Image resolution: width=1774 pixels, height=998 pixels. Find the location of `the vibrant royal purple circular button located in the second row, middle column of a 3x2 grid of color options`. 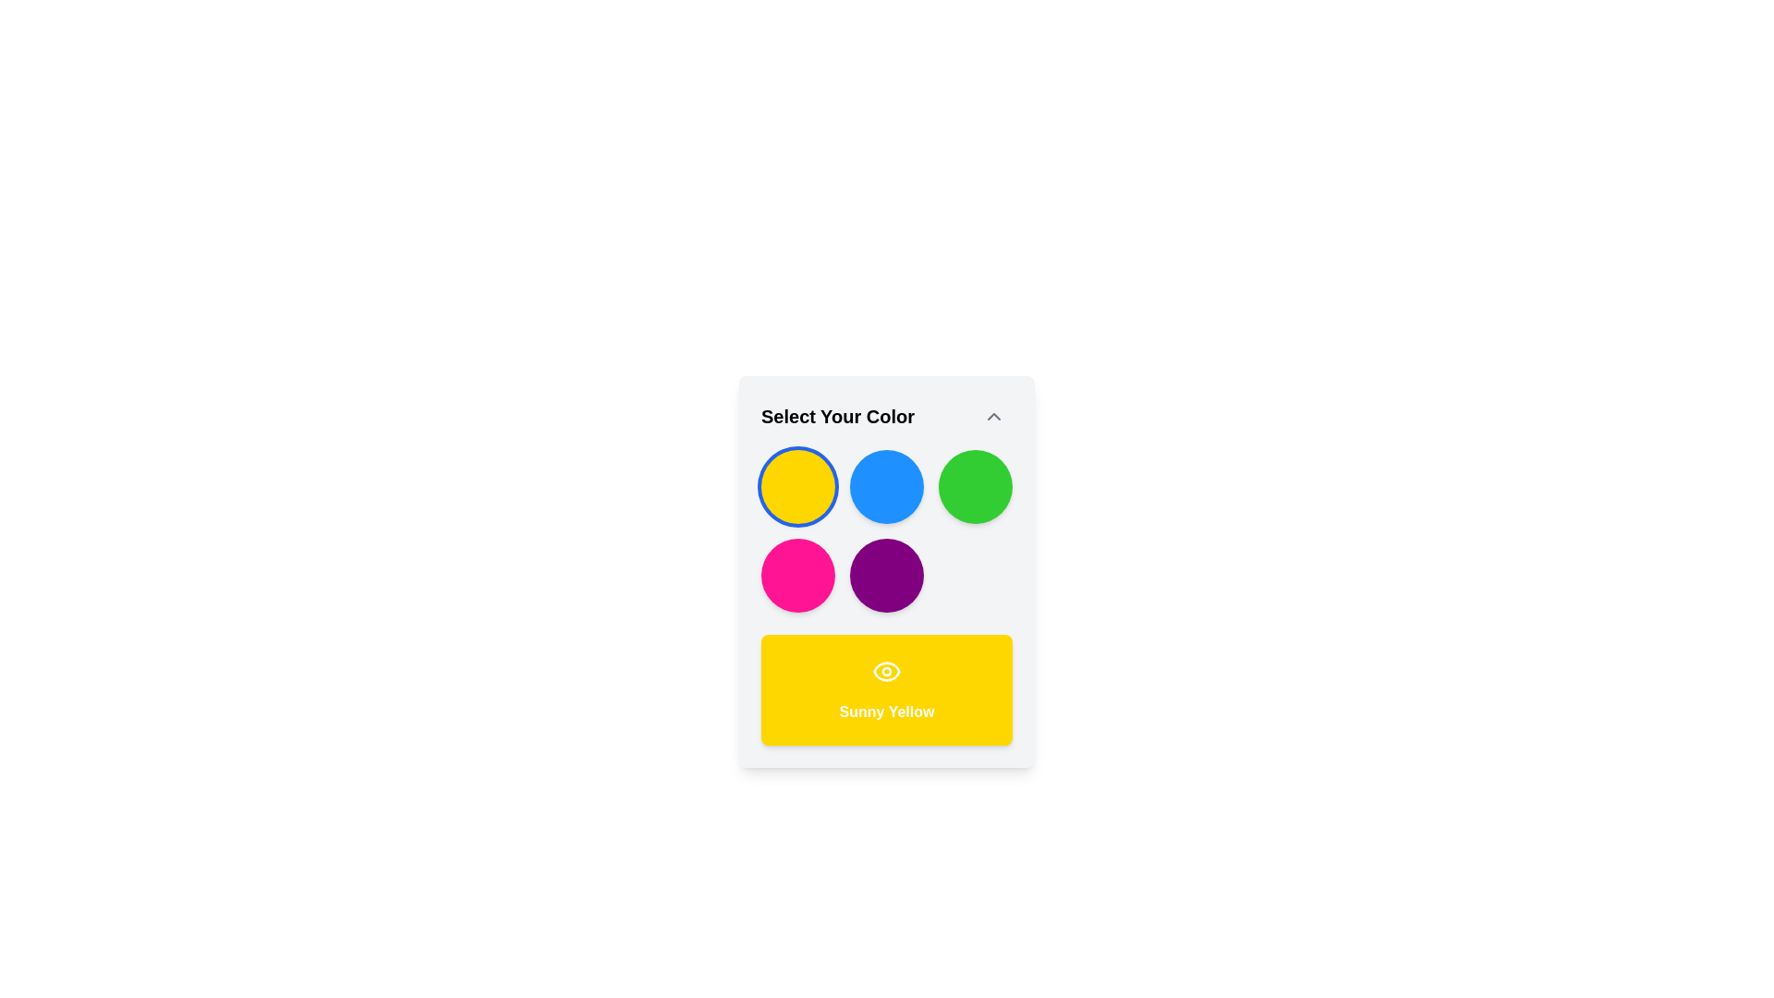

the vibrant royal purple circular button located in the second row, middle column of a 3x2 grid of color options is located at coordinates (887, 575).